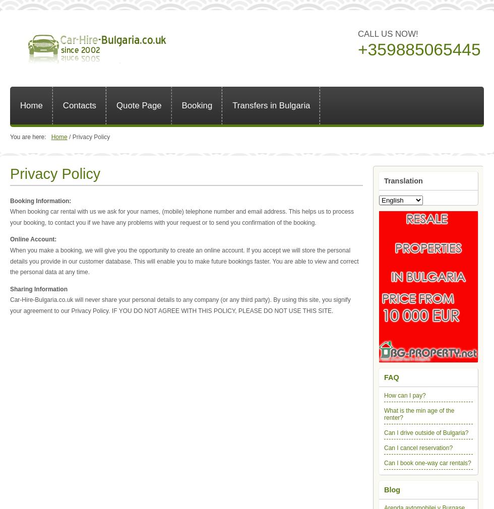  I want to click on 'Can I drive outside of Bulgaria?', so click(426, 432).